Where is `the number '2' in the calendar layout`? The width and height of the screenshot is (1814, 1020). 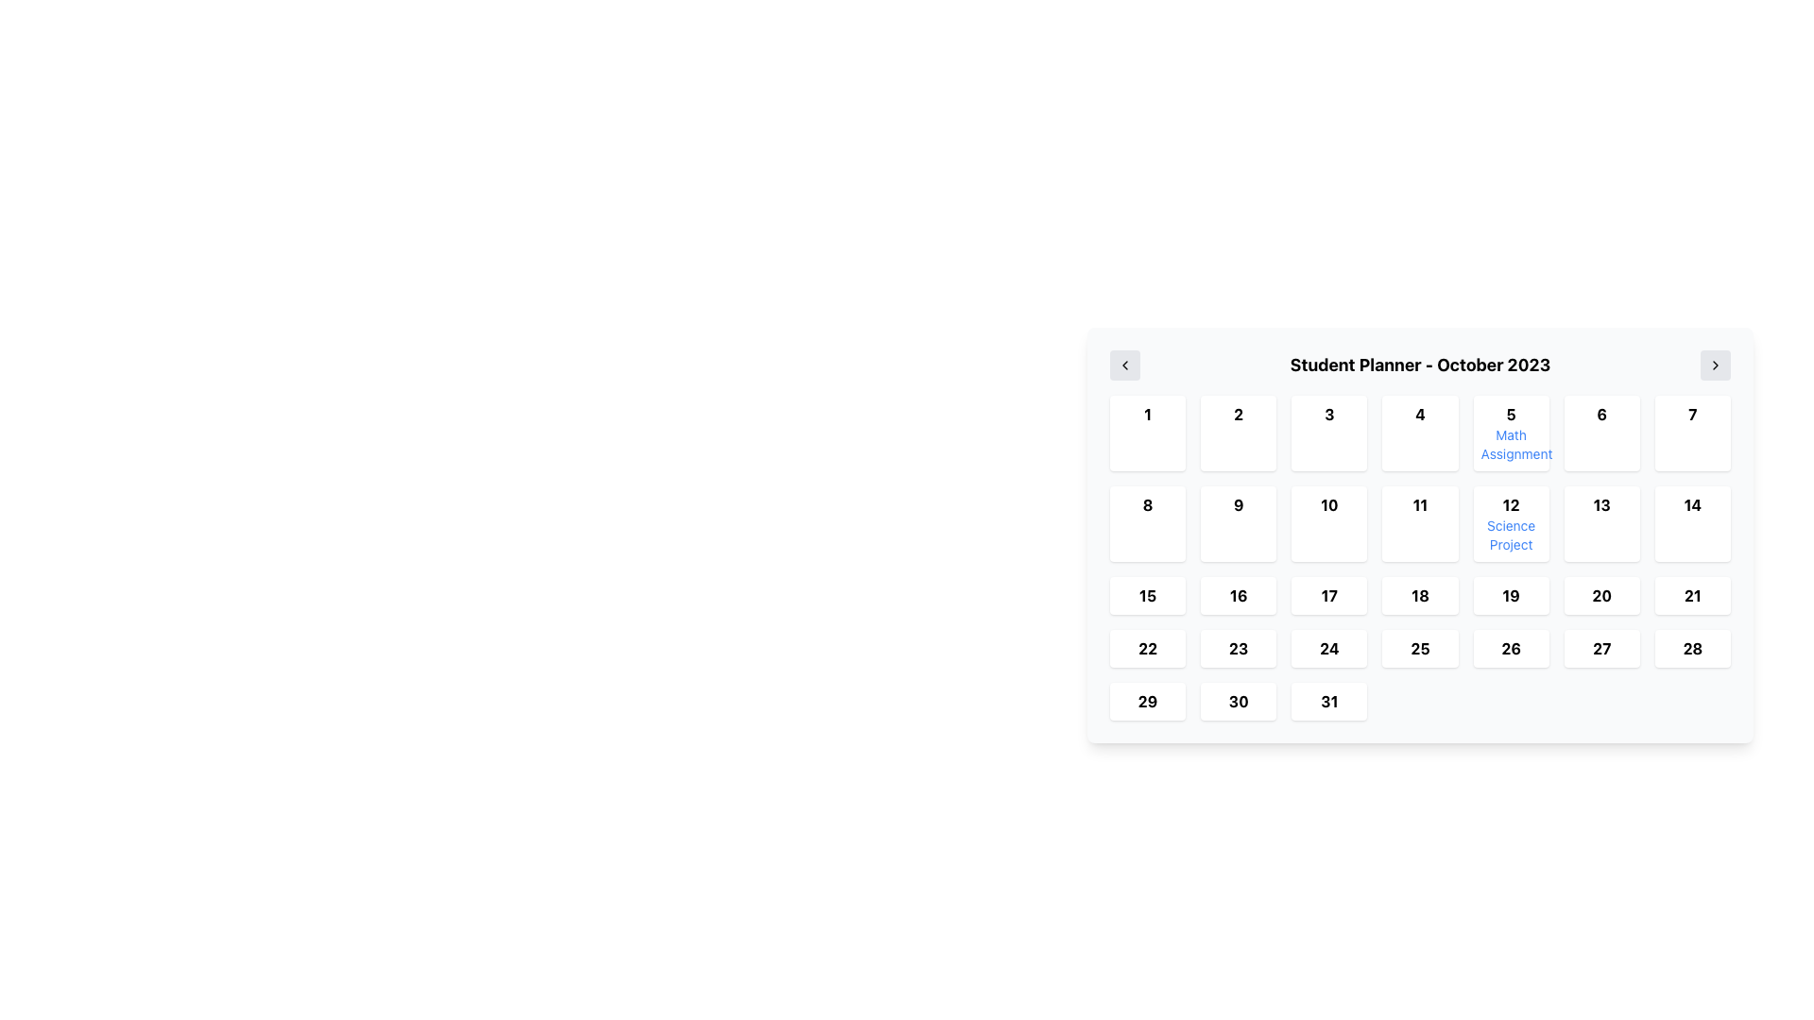
the number '2' in the calendar layout is located at coordinates (1239, 414).